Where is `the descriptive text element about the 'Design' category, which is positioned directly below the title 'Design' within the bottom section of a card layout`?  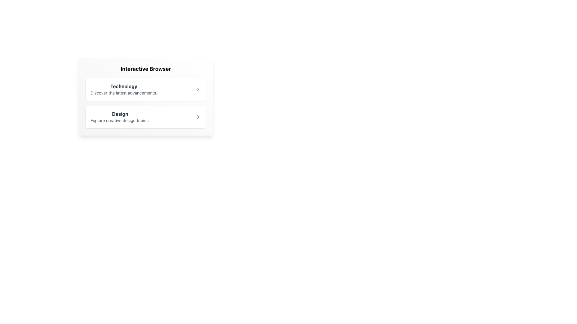
the descriptive text element about the 'Design' category, which is positioned directly below the title 'Design' within the bottom section of a card layout is located at coordinates (120, 120).